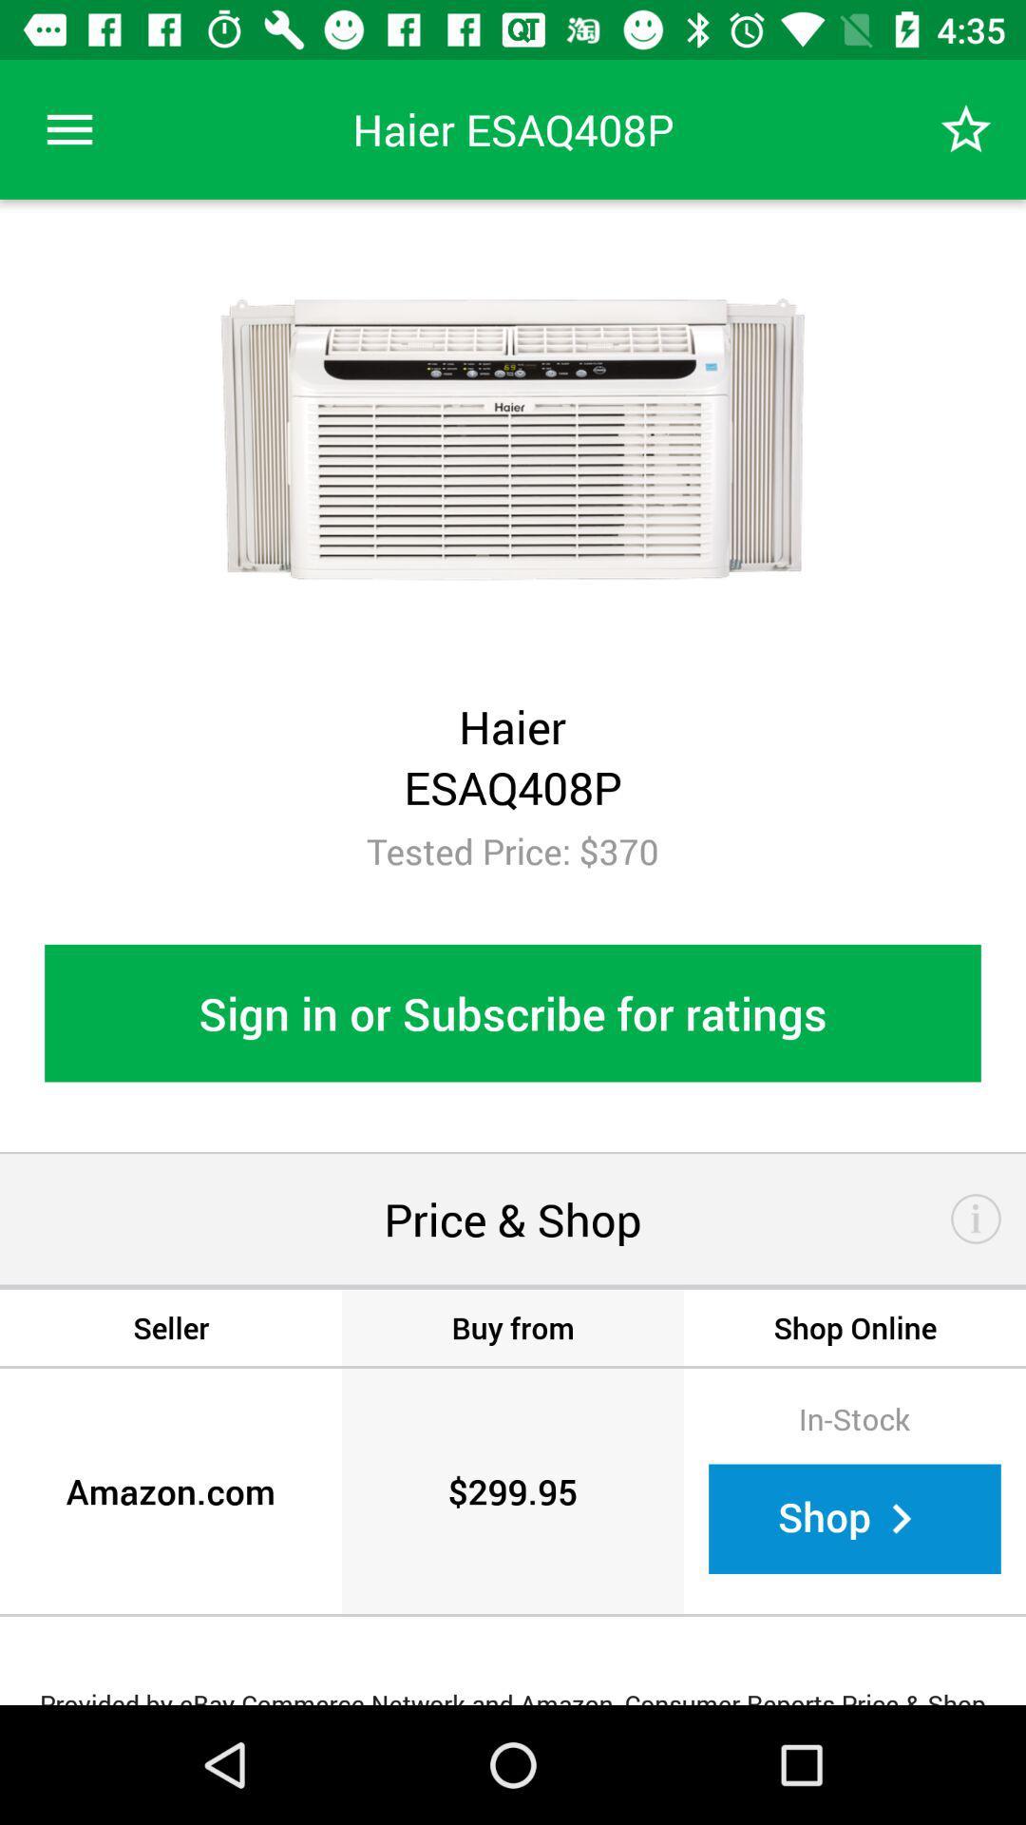 This screenshot has width=1026, height=1825. What do you see at coordinates (68, 128) in the screenshot?
I see `the item to the left of the haier esaq408p` at bounding box center [68, 128].